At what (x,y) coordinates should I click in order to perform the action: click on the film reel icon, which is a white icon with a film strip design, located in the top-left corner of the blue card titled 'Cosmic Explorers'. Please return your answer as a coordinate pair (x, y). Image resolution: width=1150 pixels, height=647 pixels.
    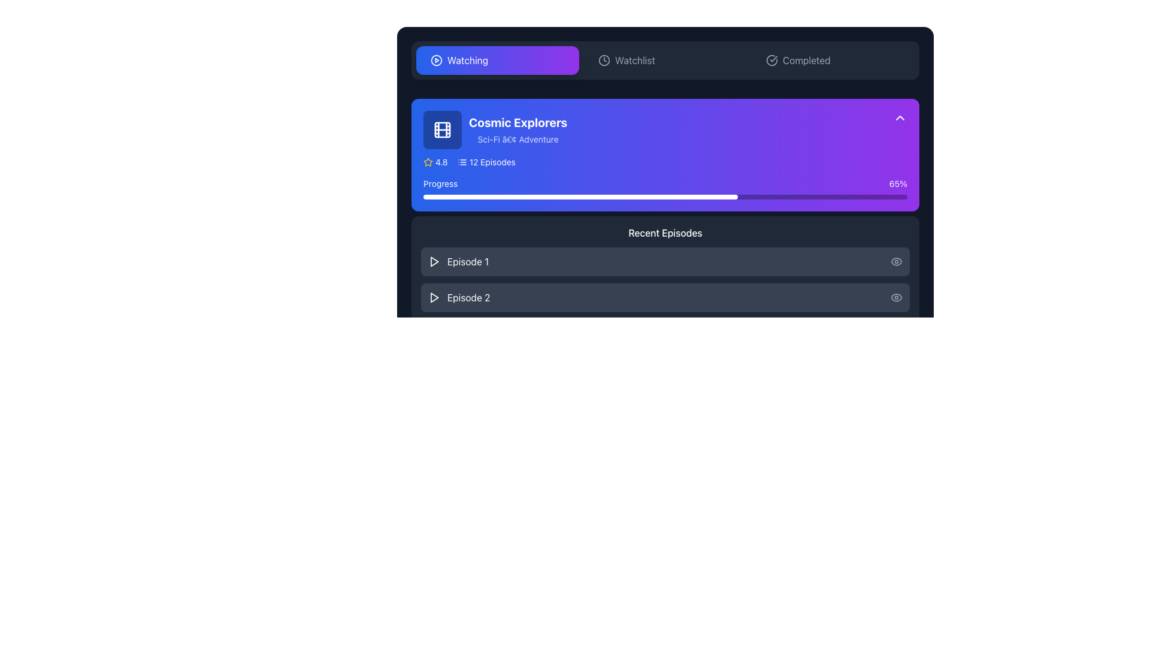
    Looking at the image, I should click on (442, 129).